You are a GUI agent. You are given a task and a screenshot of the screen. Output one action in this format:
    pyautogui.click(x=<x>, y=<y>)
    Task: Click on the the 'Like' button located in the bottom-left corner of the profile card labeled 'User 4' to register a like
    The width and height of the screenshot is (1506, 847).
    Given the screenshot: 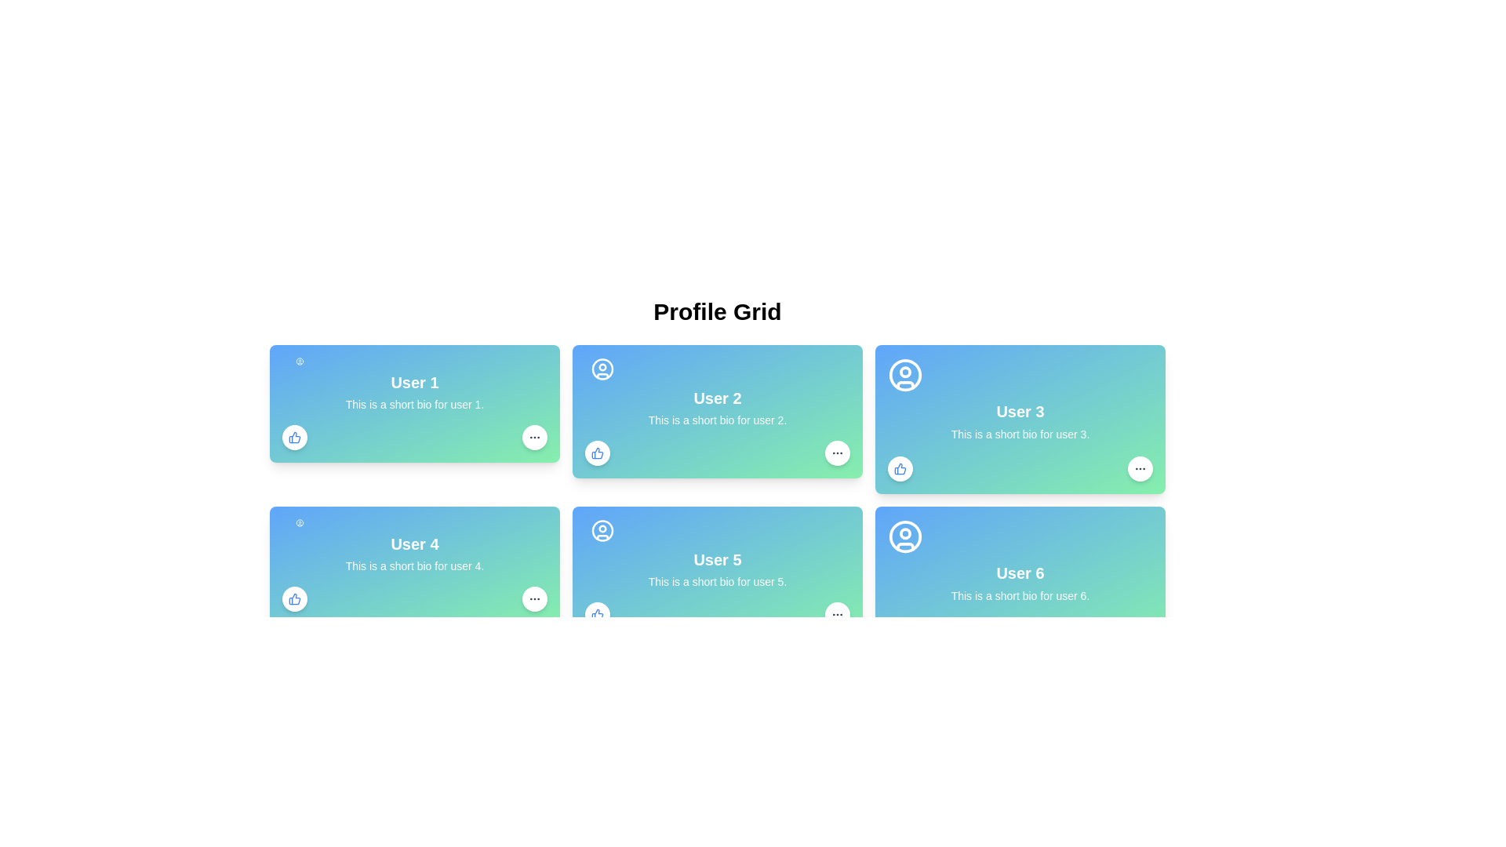 What is the action you would take?
    pyautogui.click(x=294, y=598)
    